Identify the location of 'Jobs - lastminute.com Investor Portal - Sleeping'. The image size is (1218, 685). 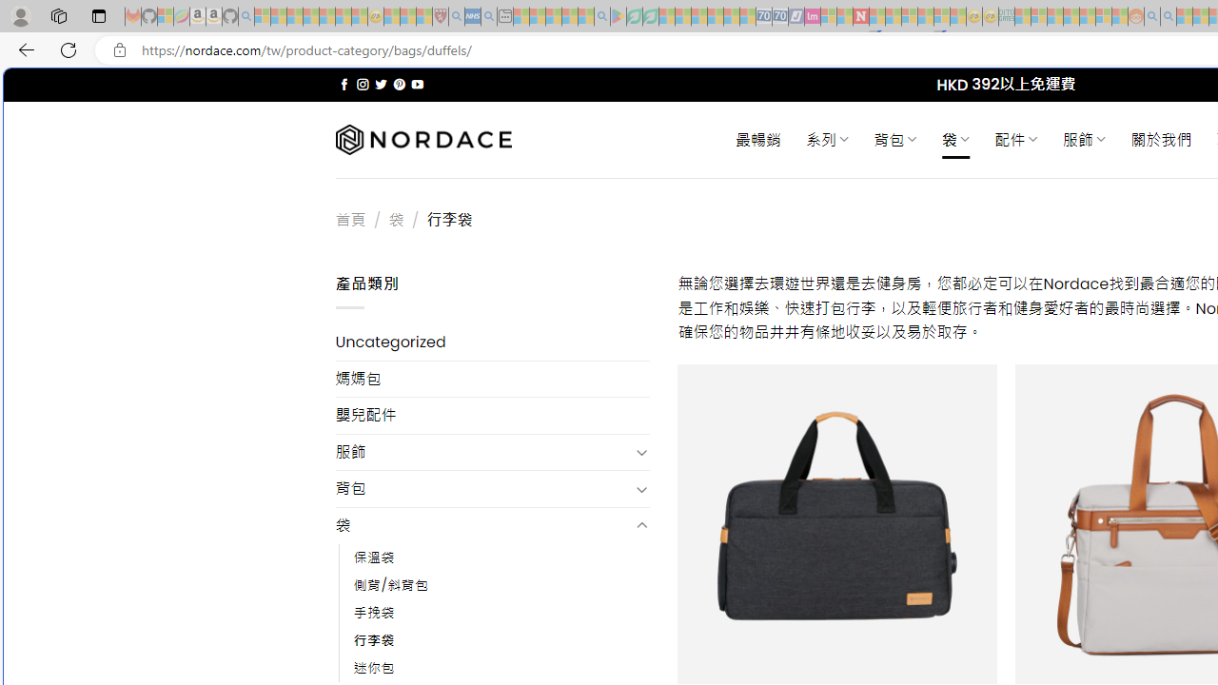
(812, 16).